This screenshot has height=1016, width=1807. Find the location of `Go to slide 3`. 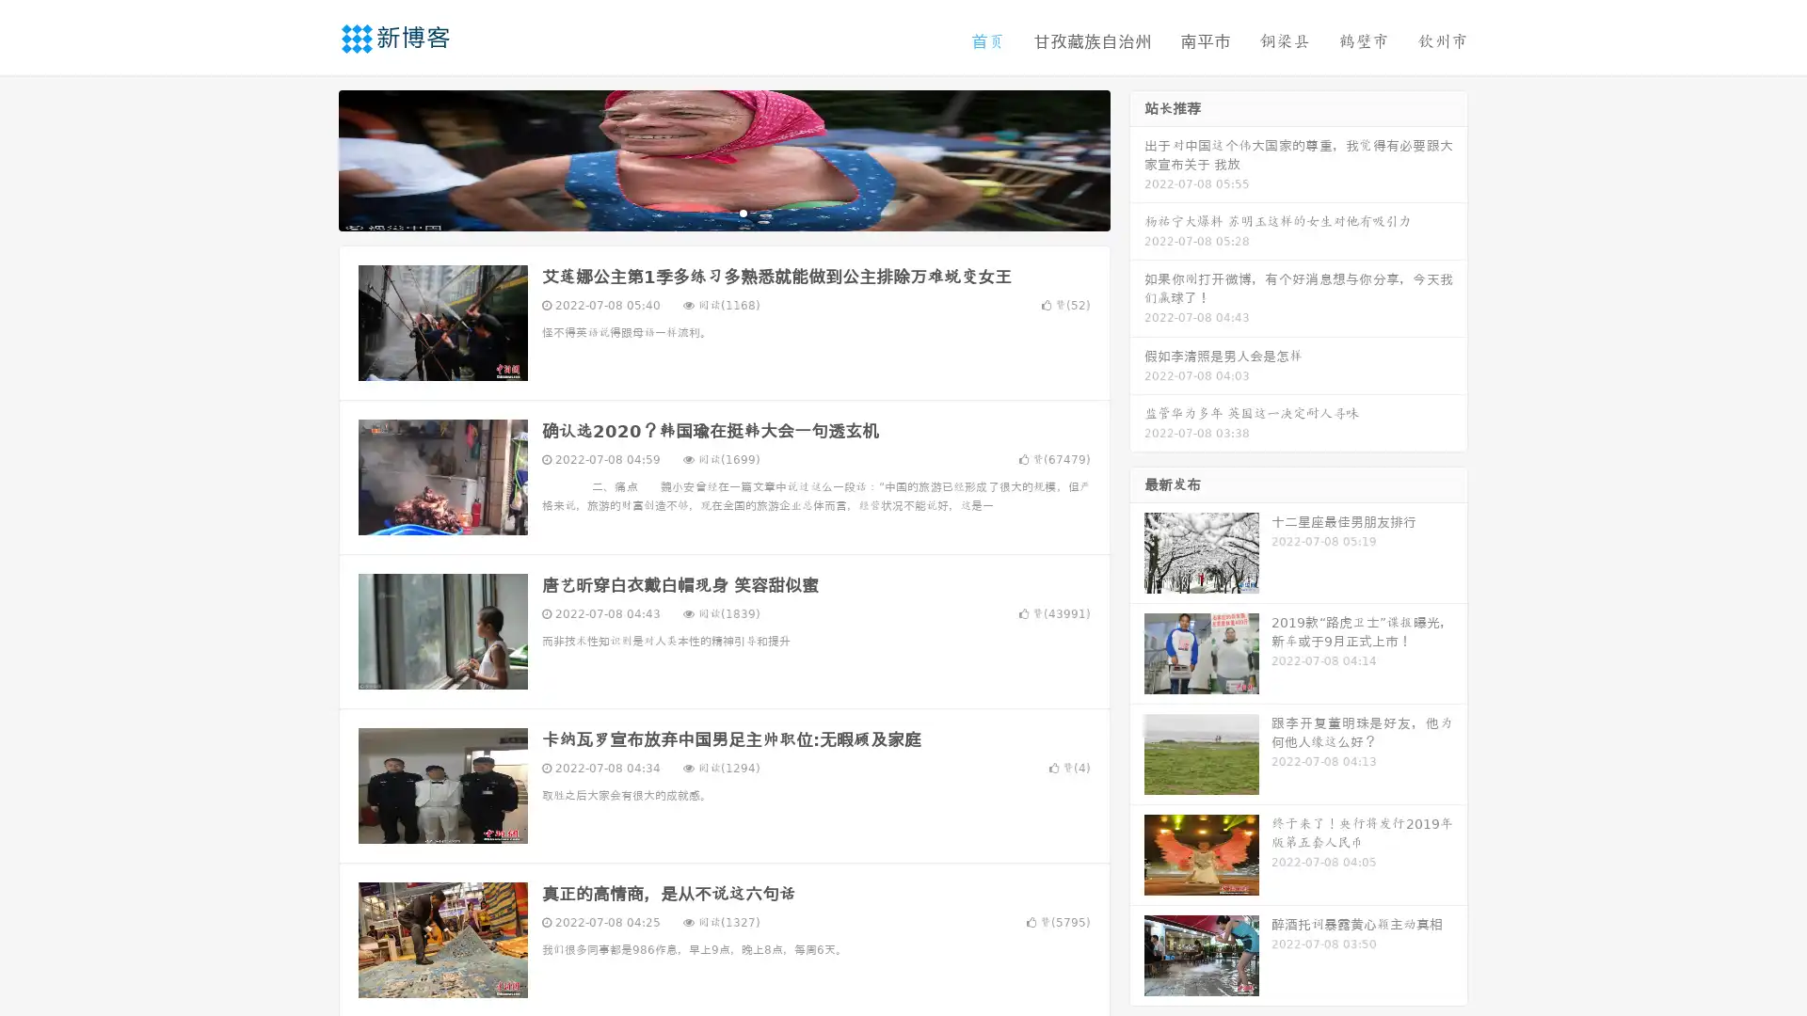

Go to slide 3 is located at coordinates (743, 212).